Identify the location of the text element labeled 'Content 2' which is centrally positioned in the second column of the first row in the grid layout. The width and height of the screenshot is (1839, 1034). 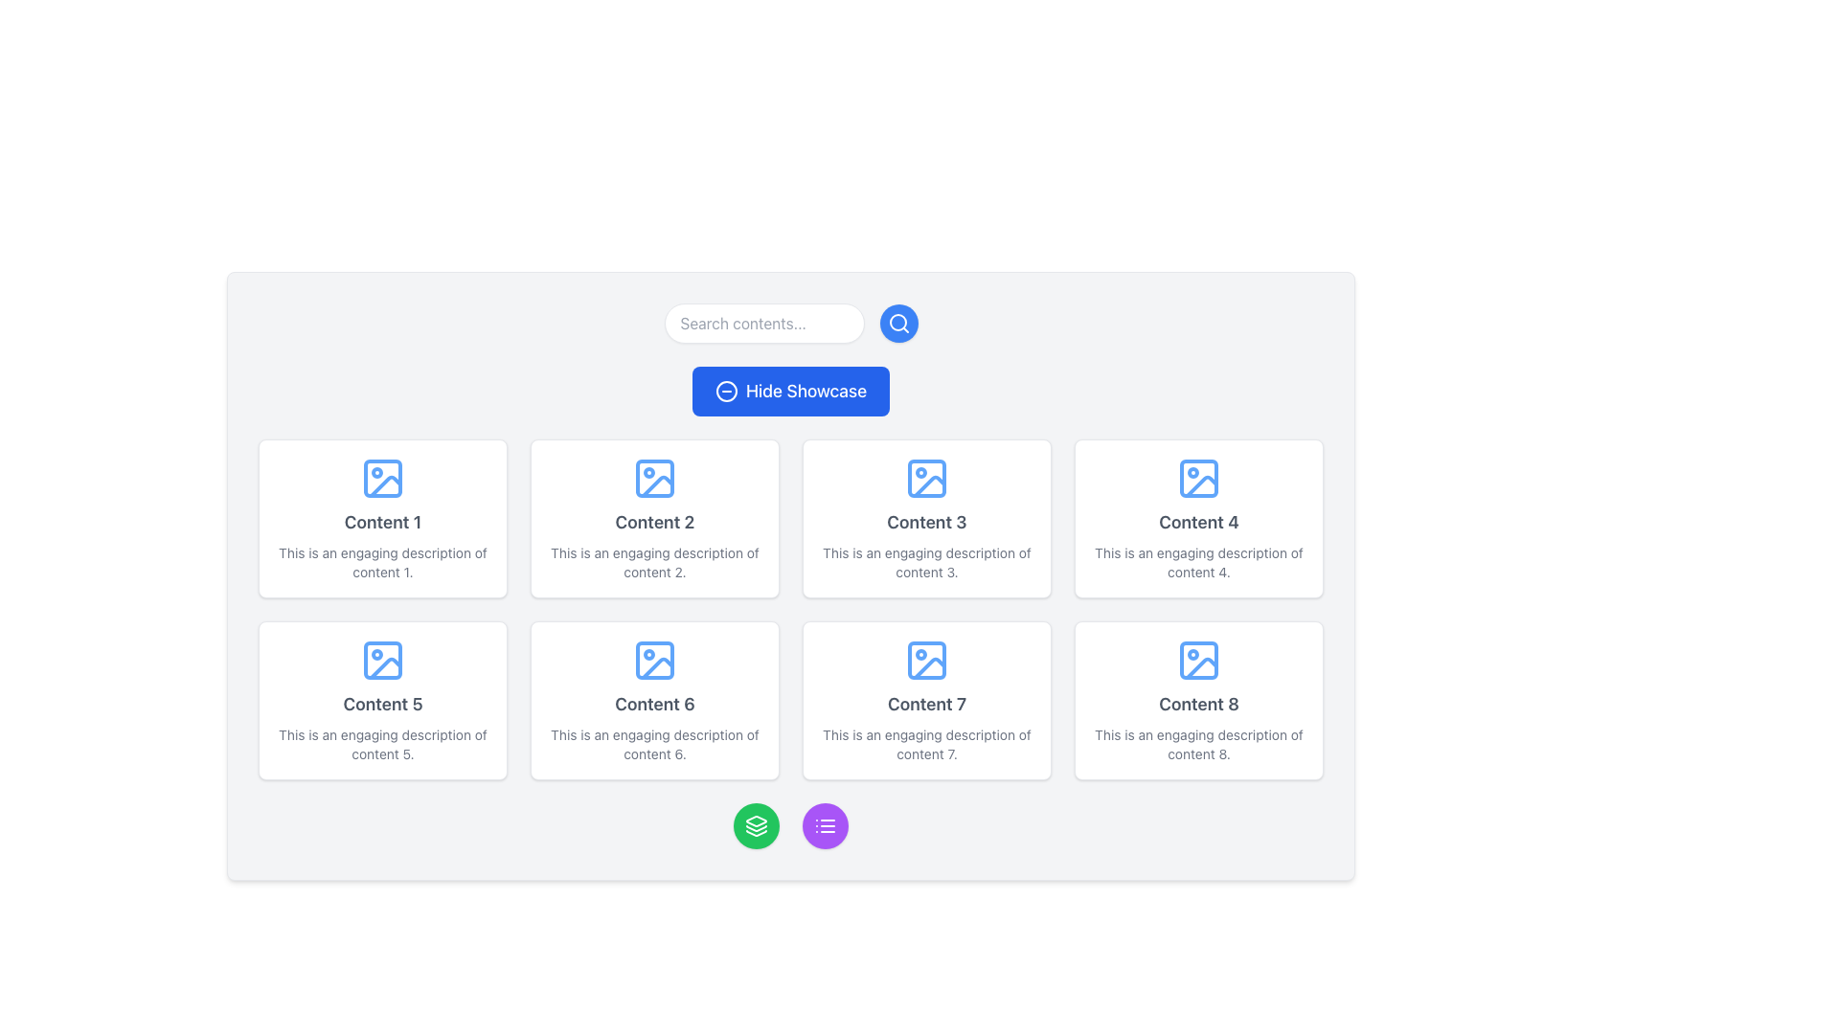
(654, 523).